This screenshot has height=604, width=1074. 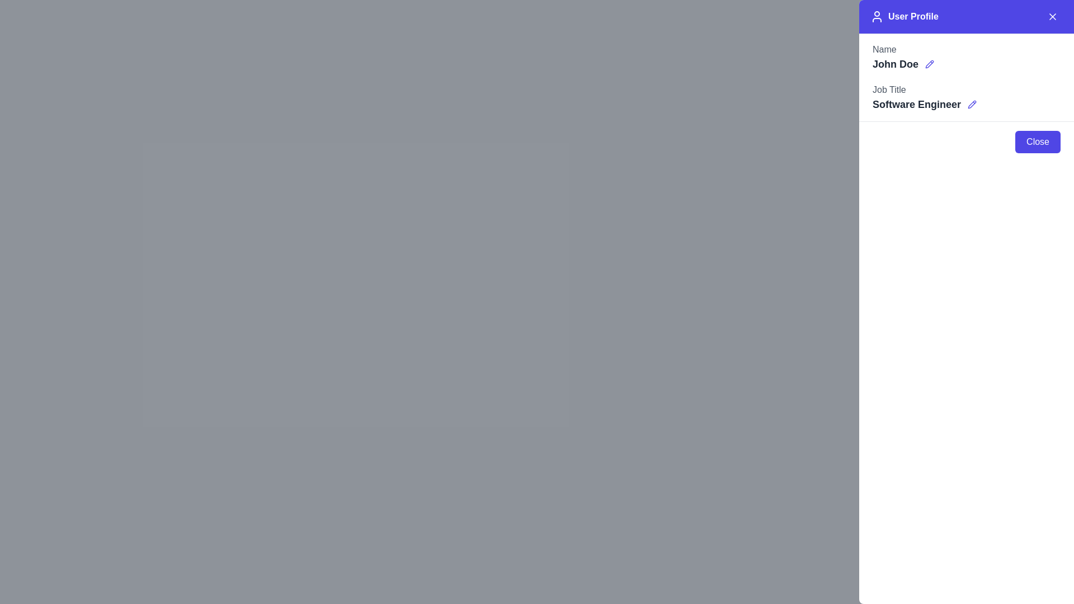 I want to click on the static text label in the 'User Profile' section that categorizes the content displaying the user's name, which is located above the text 'John Doe', so click(x=884, y=49).